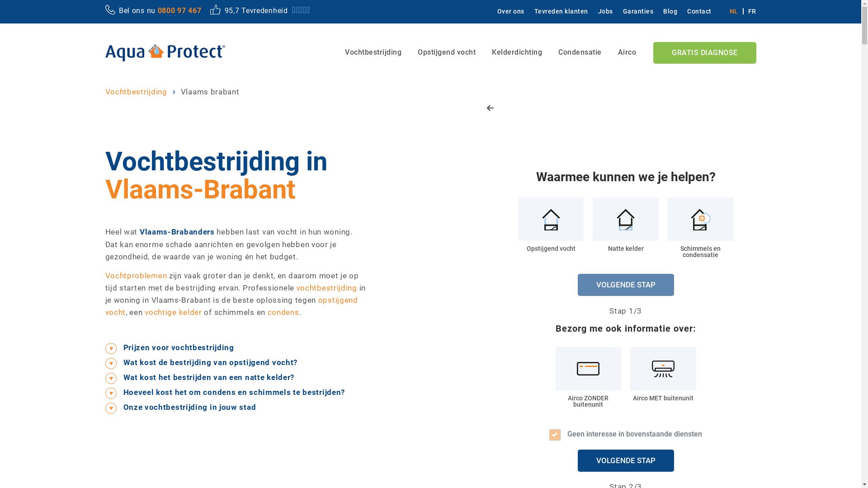 The image size is (868, 488). Describe the element at coordinates (625, 285) in the screenshot. I see `'VOLGENDE STAP'` at that location.